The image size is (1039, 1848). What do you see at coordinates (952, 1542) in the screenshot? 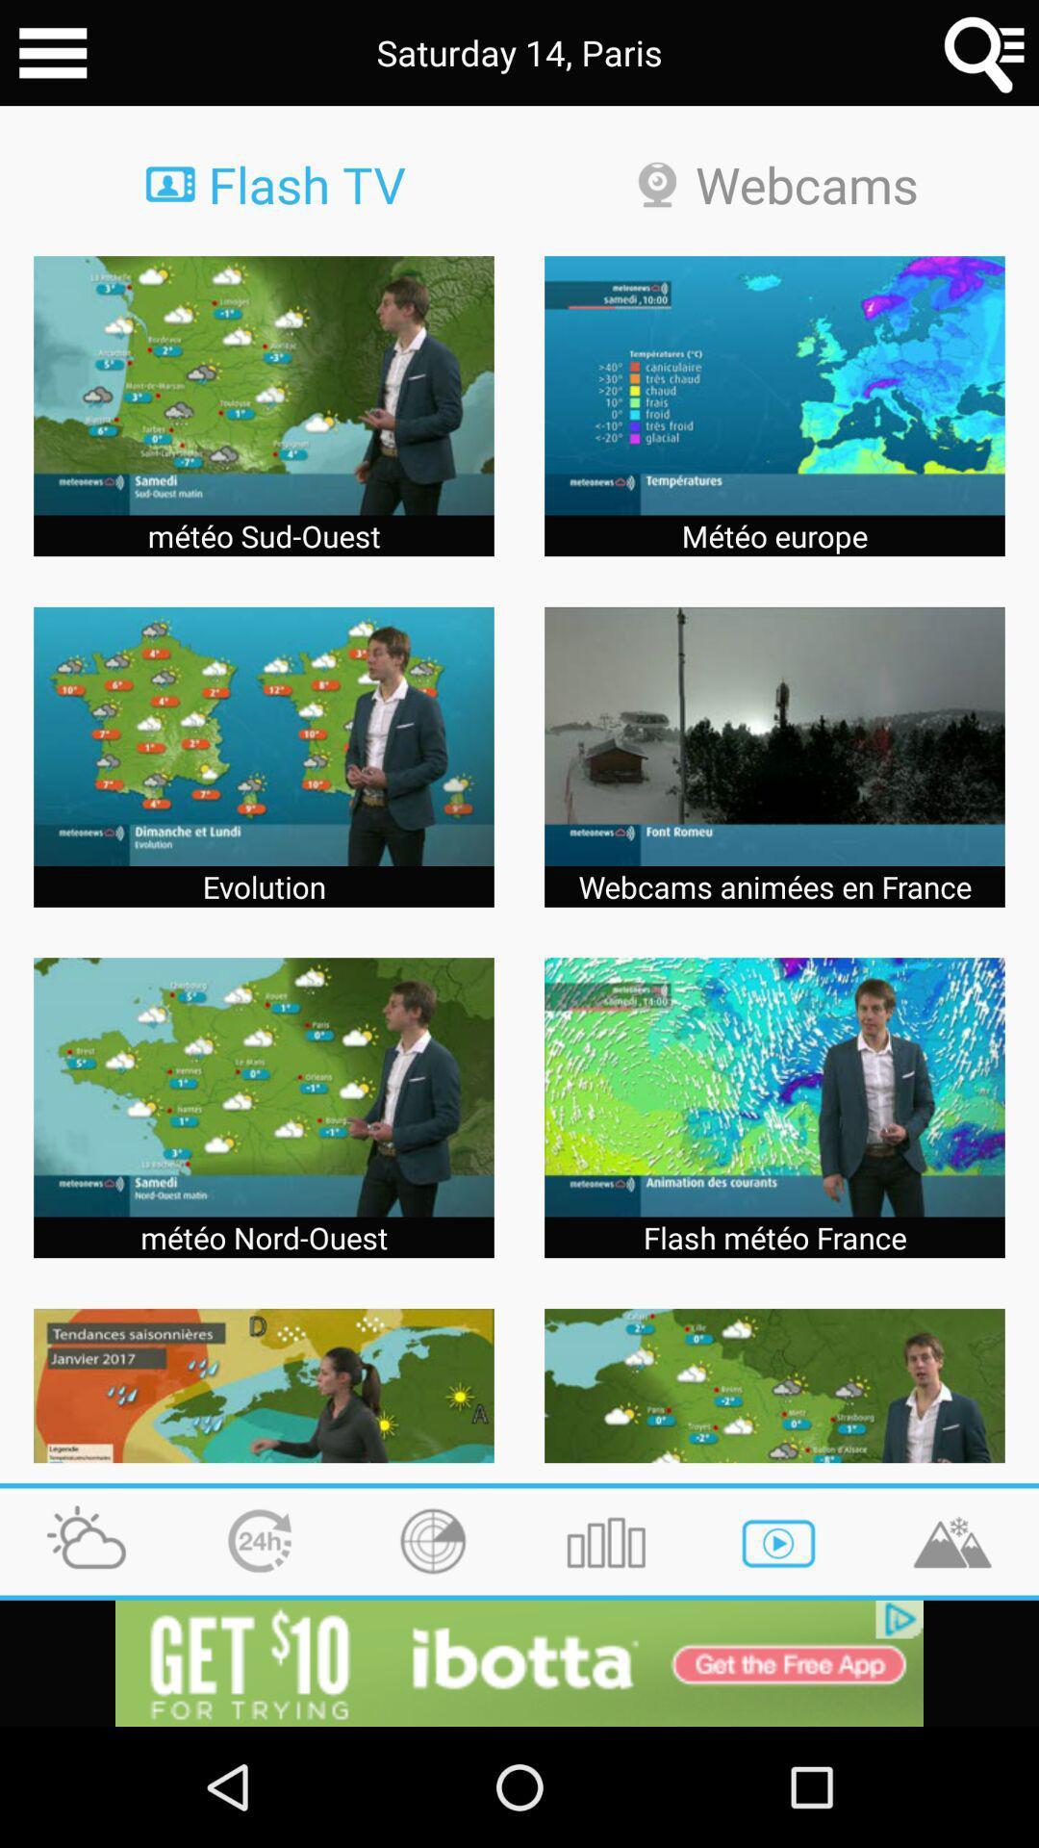
I see `the icon which is at bottom right side of the page` at bounding box center [952, 1542].